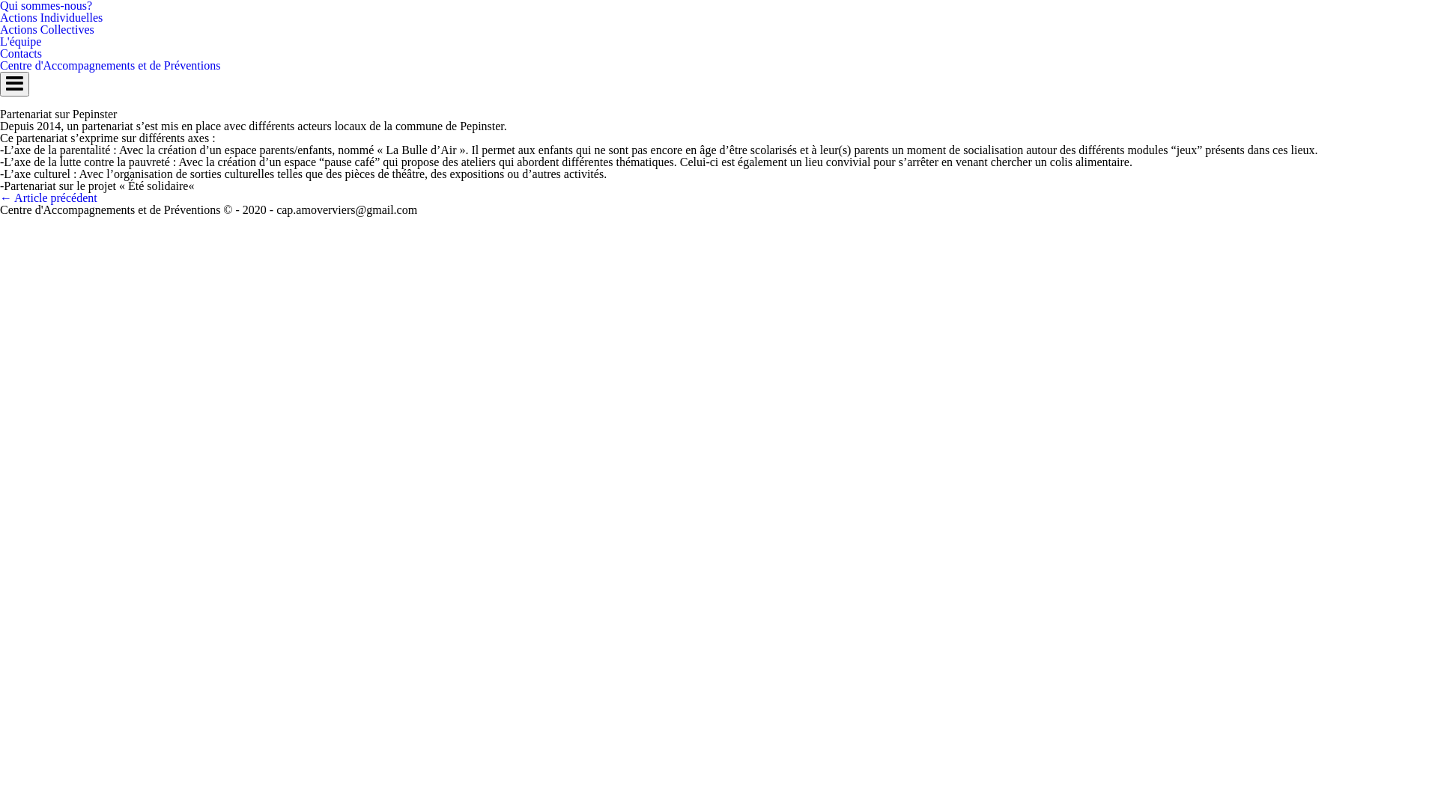  Describe the element at coordinates (21, 52) in the screenshot. I see `'Contacts'` at that location.